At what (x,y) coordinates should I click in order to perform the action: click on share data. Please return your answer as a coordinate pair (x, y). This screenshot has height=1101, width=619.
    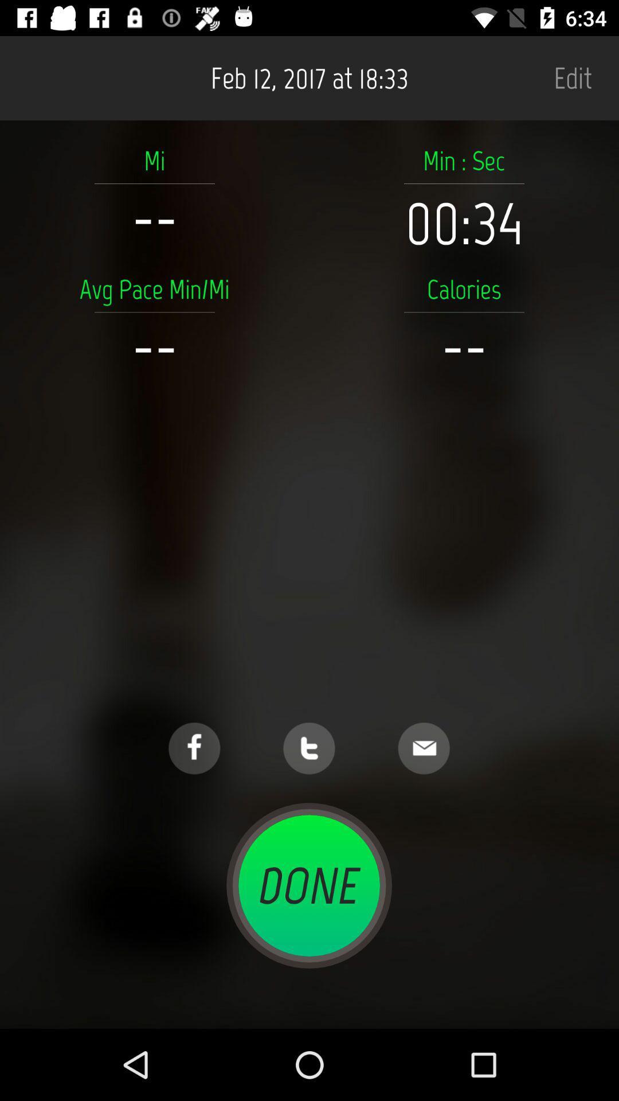
    Looking at the image, I should click on (424, 748).